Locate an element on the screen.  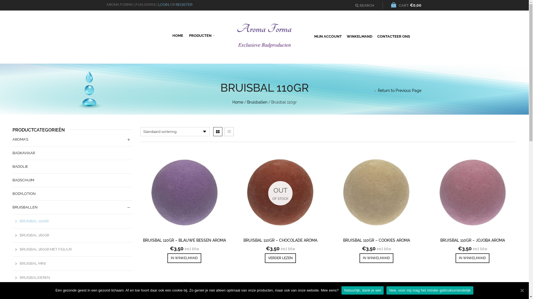
'SEARCH' is located at coordinates (365, 5).